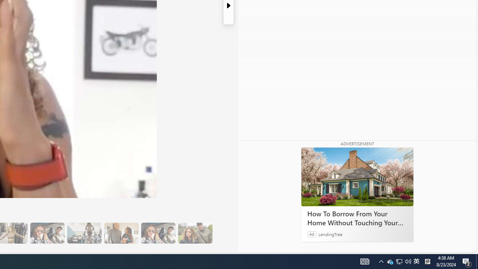 The width and height of the screenshot is (478, 269). What do you see at coordinates (330, 234) in the screenshot?
I see `'LendingTree'` at bounding box center [330, 234].